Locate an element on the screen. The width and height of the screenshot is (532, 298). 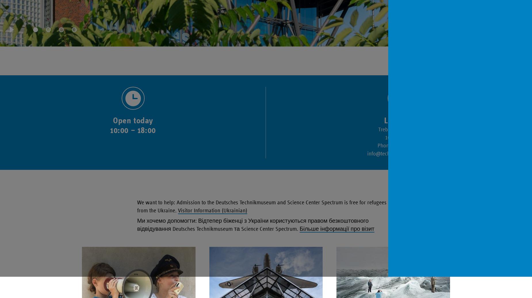
'10963 Berlin' is located at coordinates (399, 137).